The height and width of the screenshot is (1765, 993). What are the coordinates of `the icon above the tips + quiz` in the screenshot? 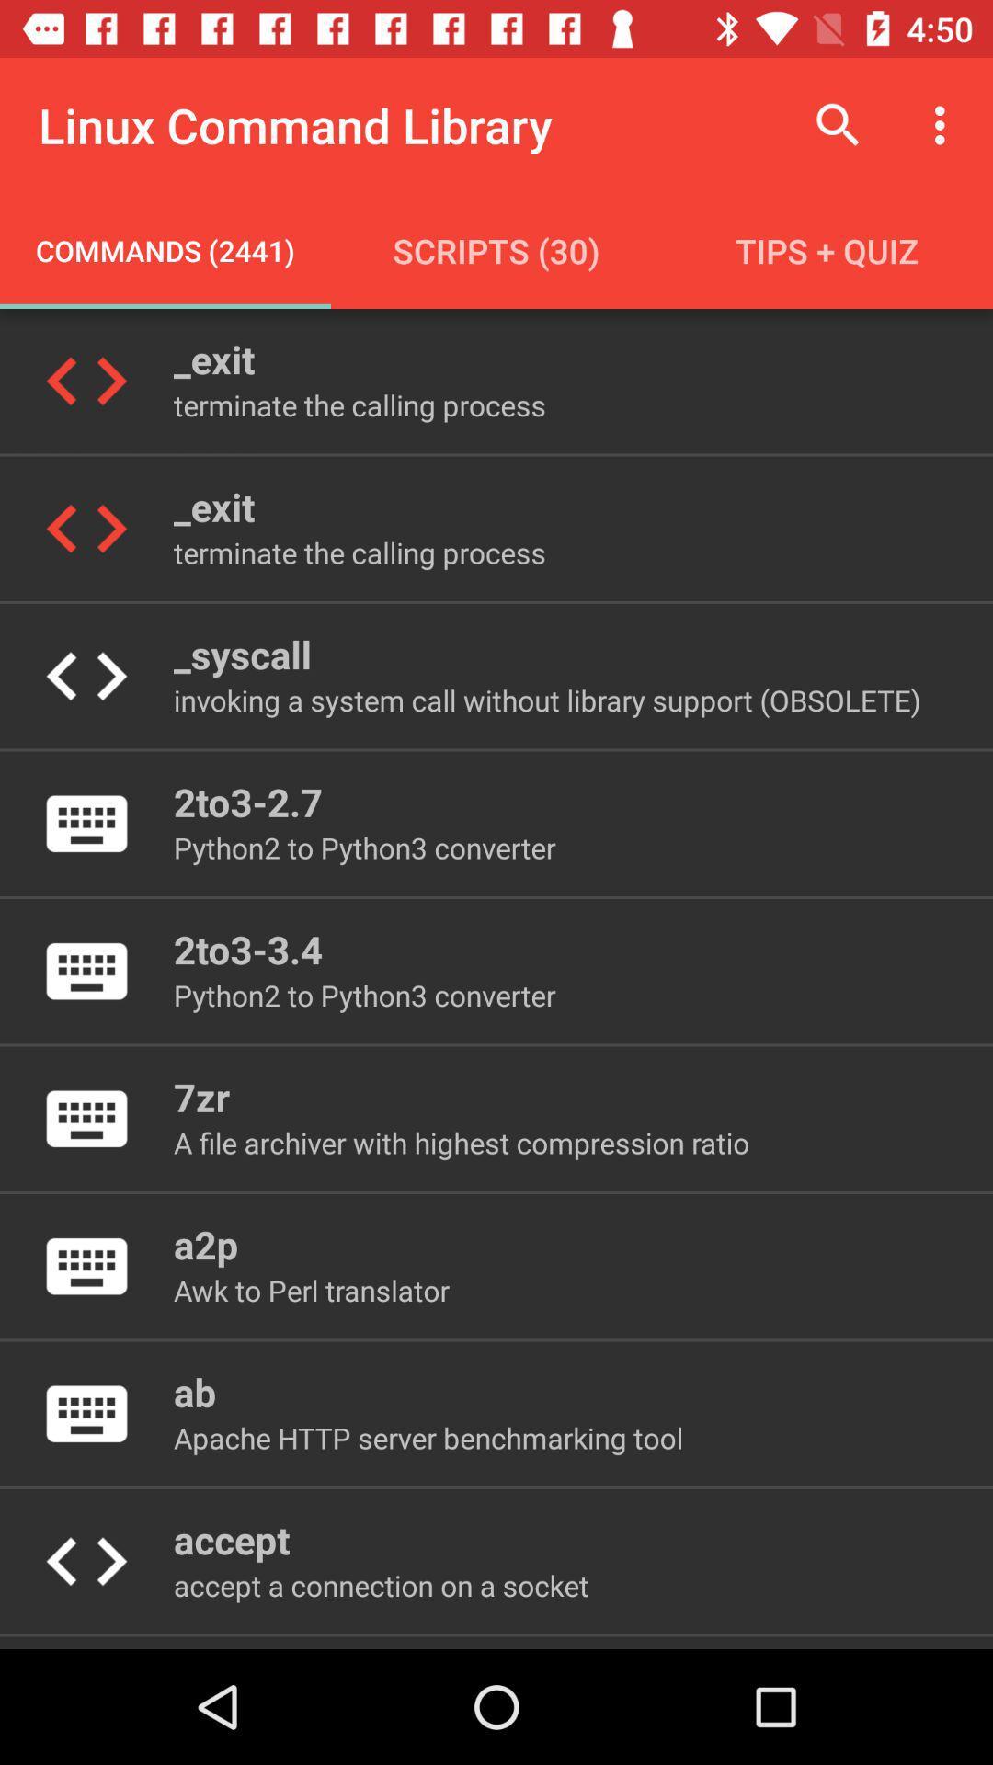 It's located at (944, 124).